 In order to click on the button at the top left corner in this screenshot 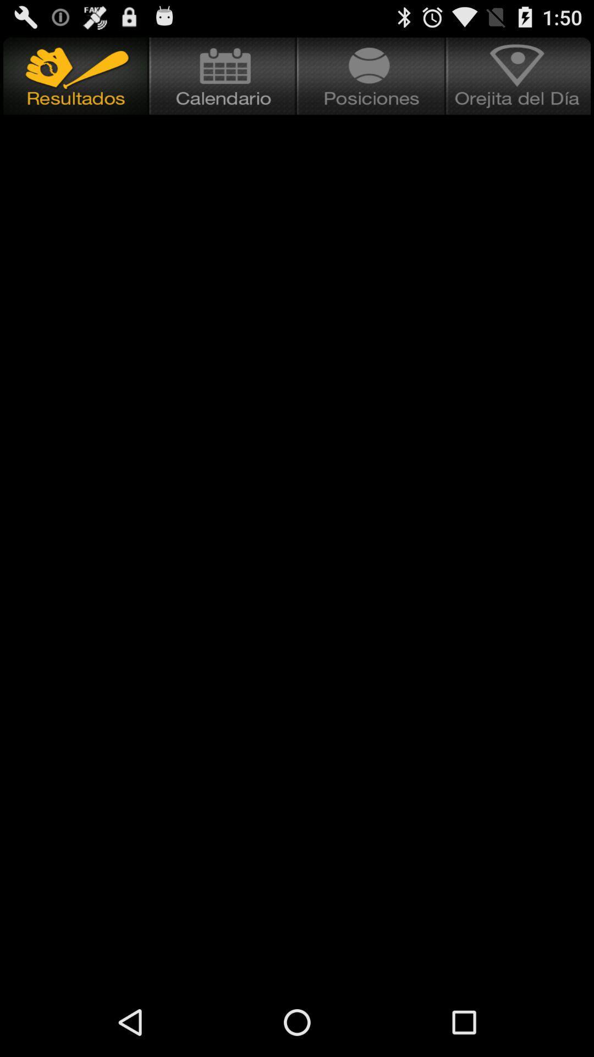, I will do `click(74, 75)`.